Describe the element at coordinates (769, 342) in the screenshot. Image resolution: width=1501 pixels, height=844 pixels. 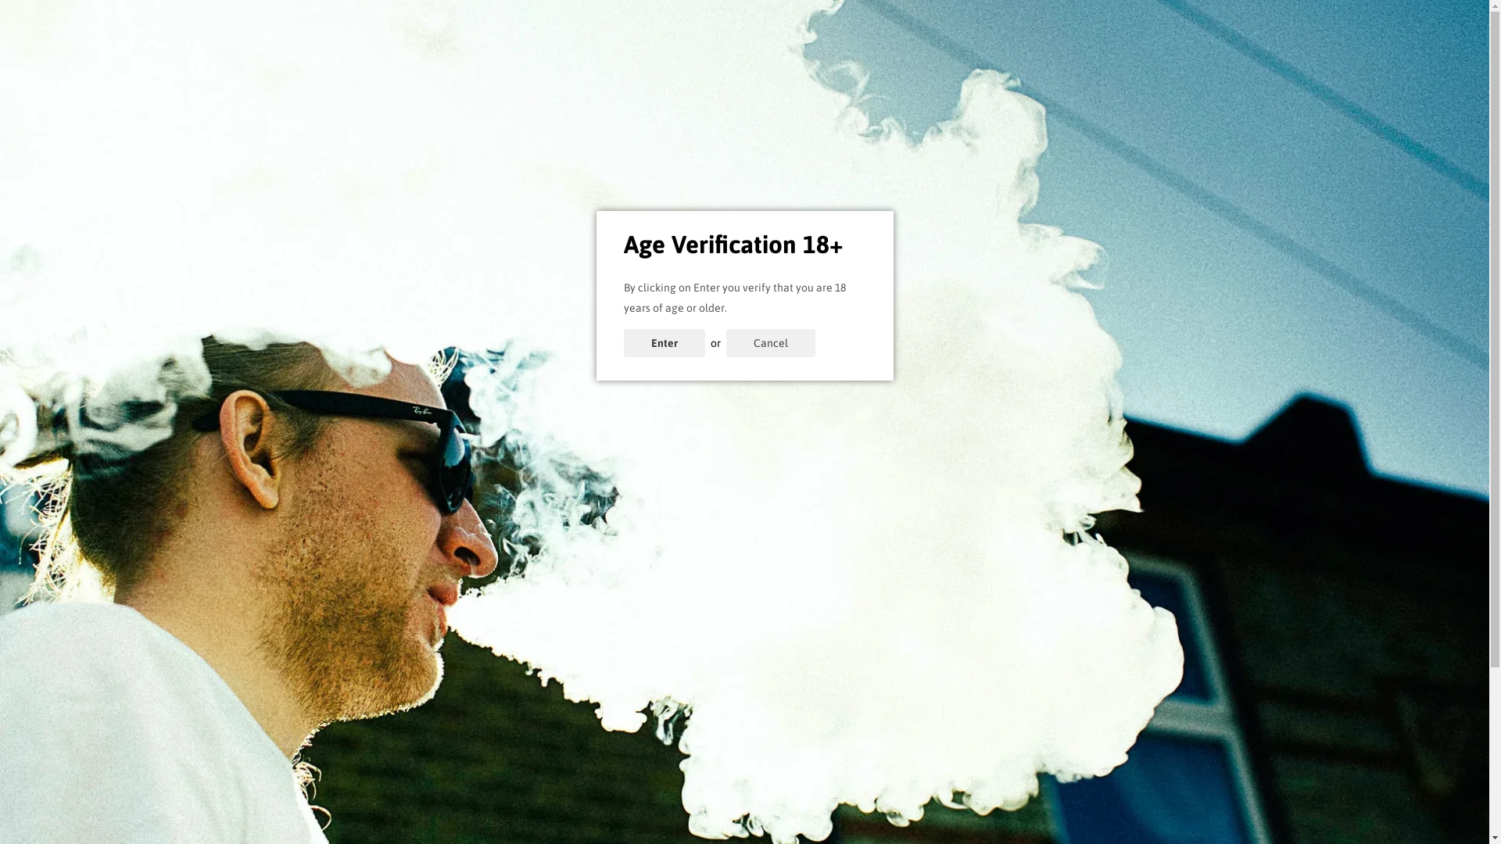
I see `'Cancel'` at that location.